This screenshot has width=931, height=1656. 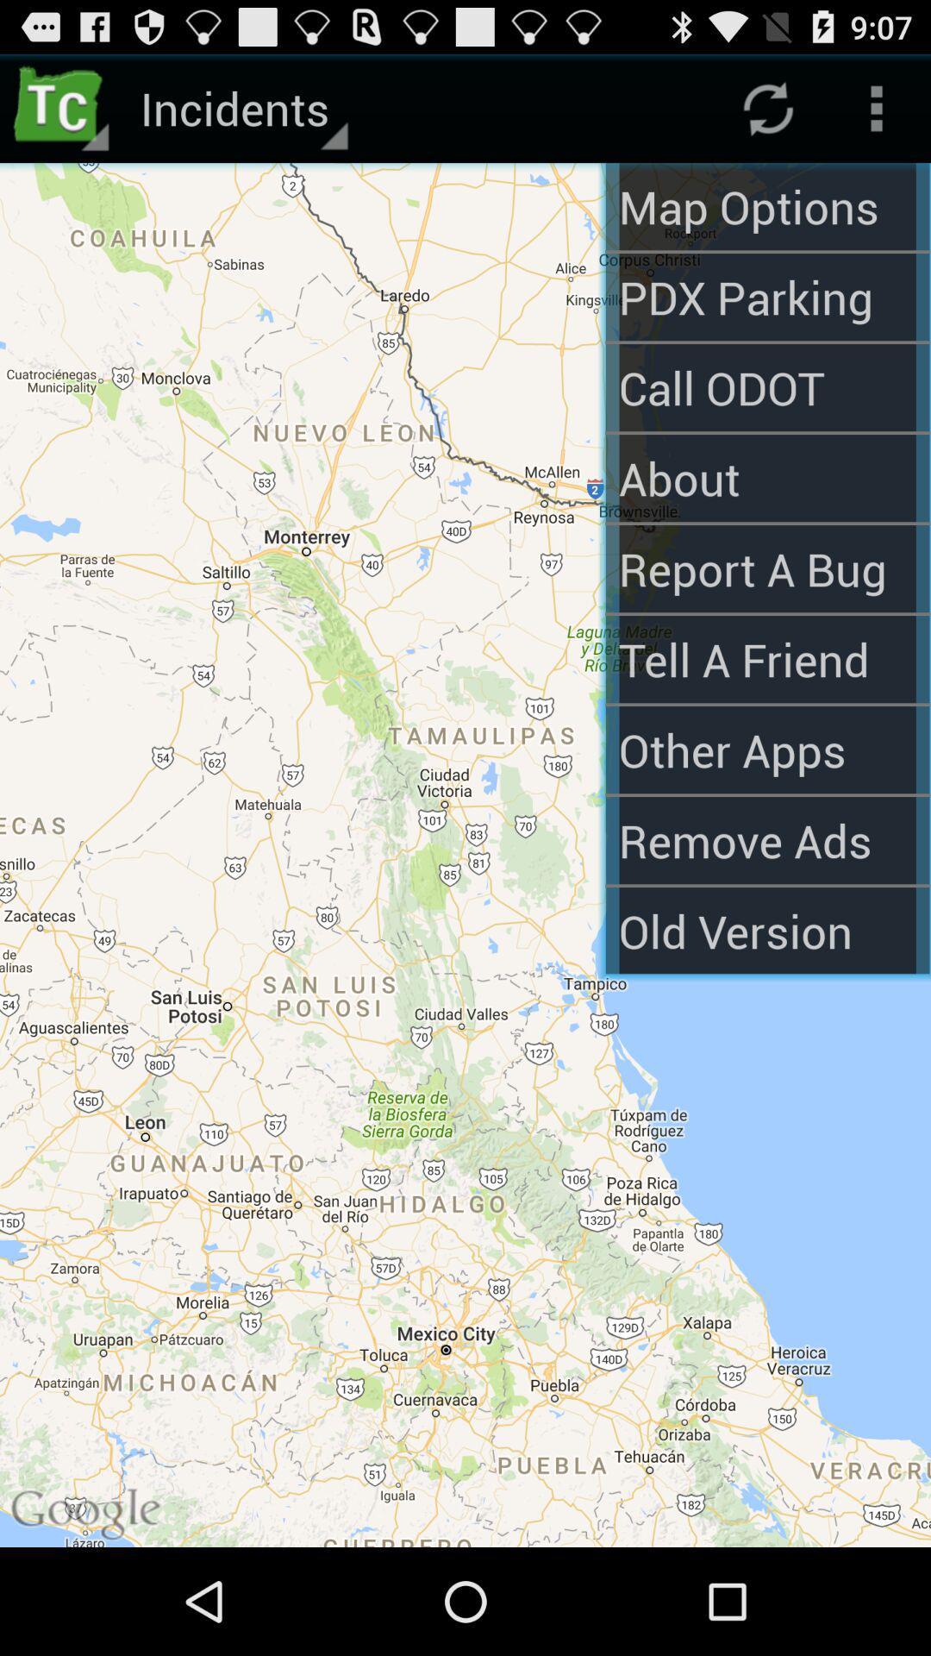 I want to click on other apps item, so click(x=766, y=750).